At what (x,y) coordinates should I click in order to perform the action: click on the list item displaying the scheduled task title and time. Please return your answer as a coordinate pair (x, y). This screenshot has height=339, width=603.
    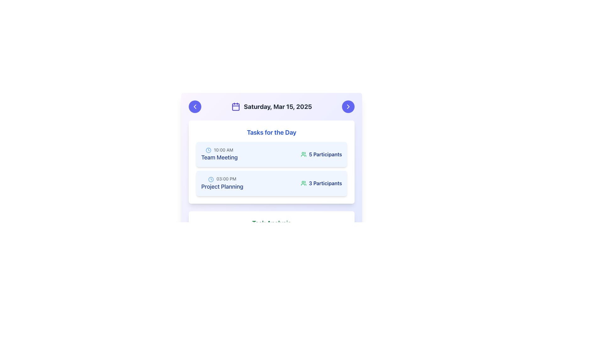
    Looking at the image, I should click on (222, 183).